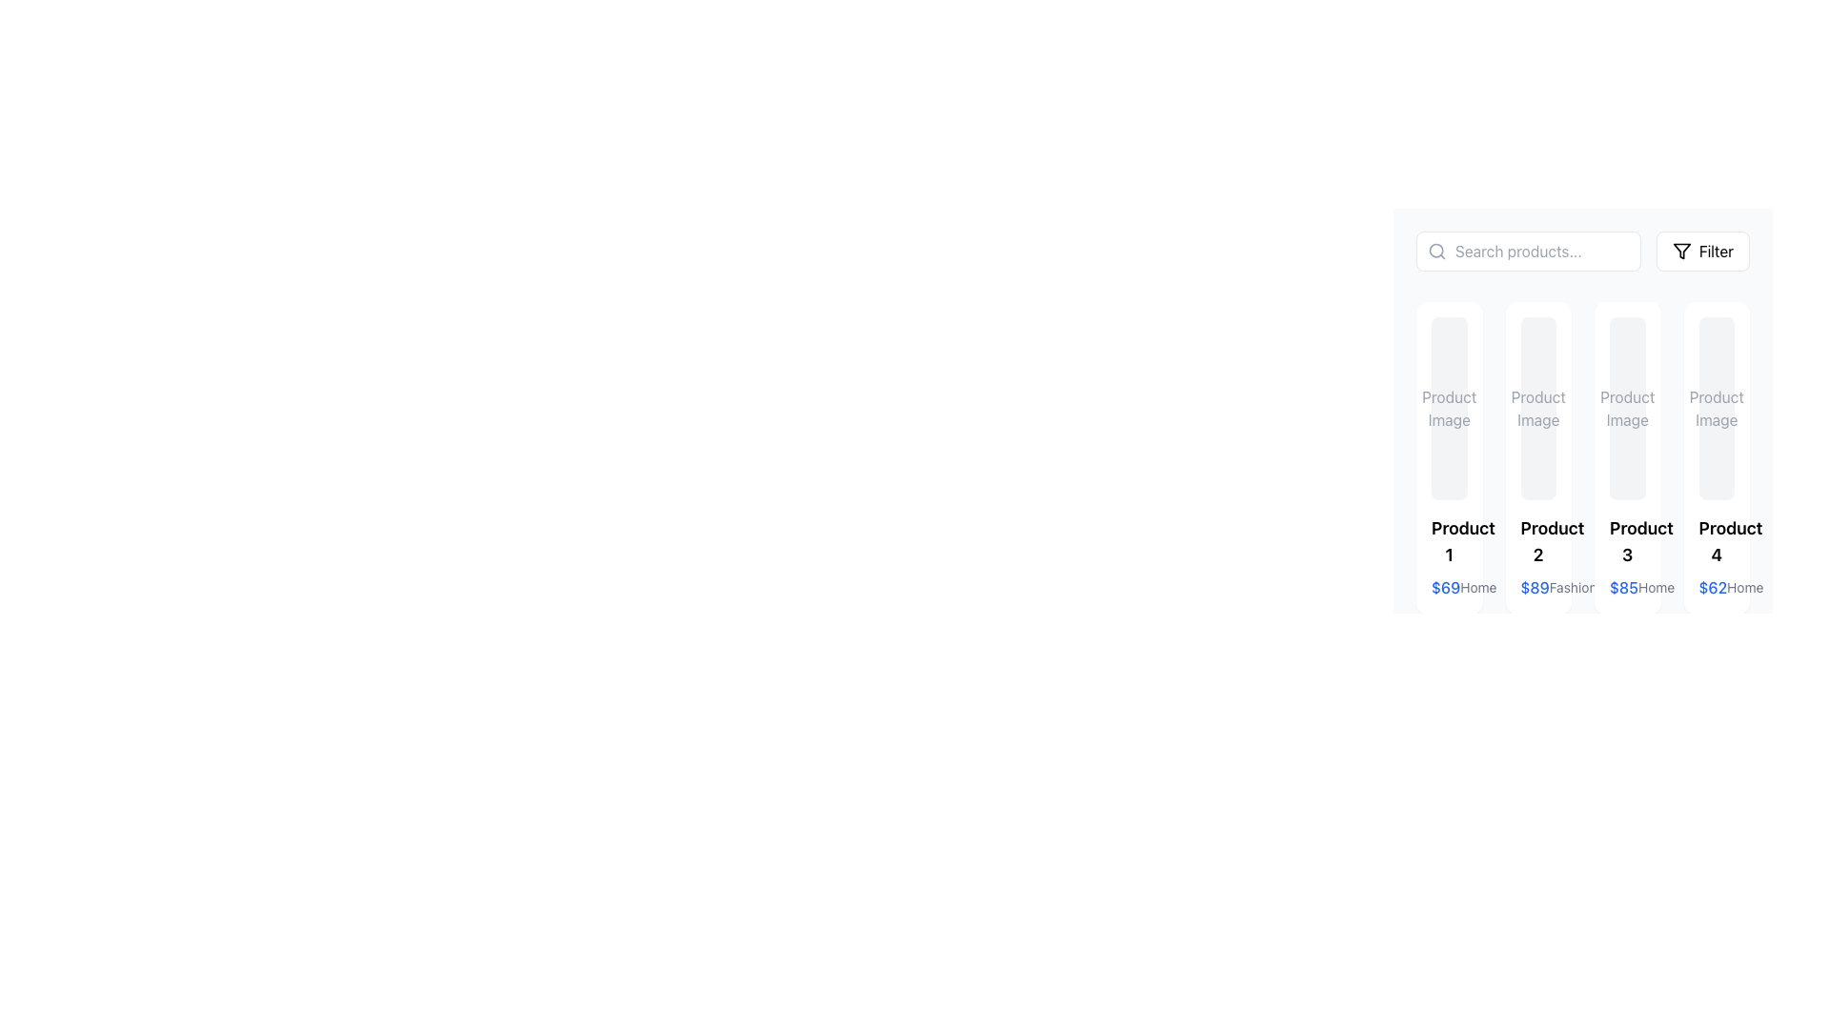 Image resolution: width=1830 pixels, height=1029 pixels. I want to click on the filter icon located on the top-right side of the interface, near the text search box, so click(1681, 250).